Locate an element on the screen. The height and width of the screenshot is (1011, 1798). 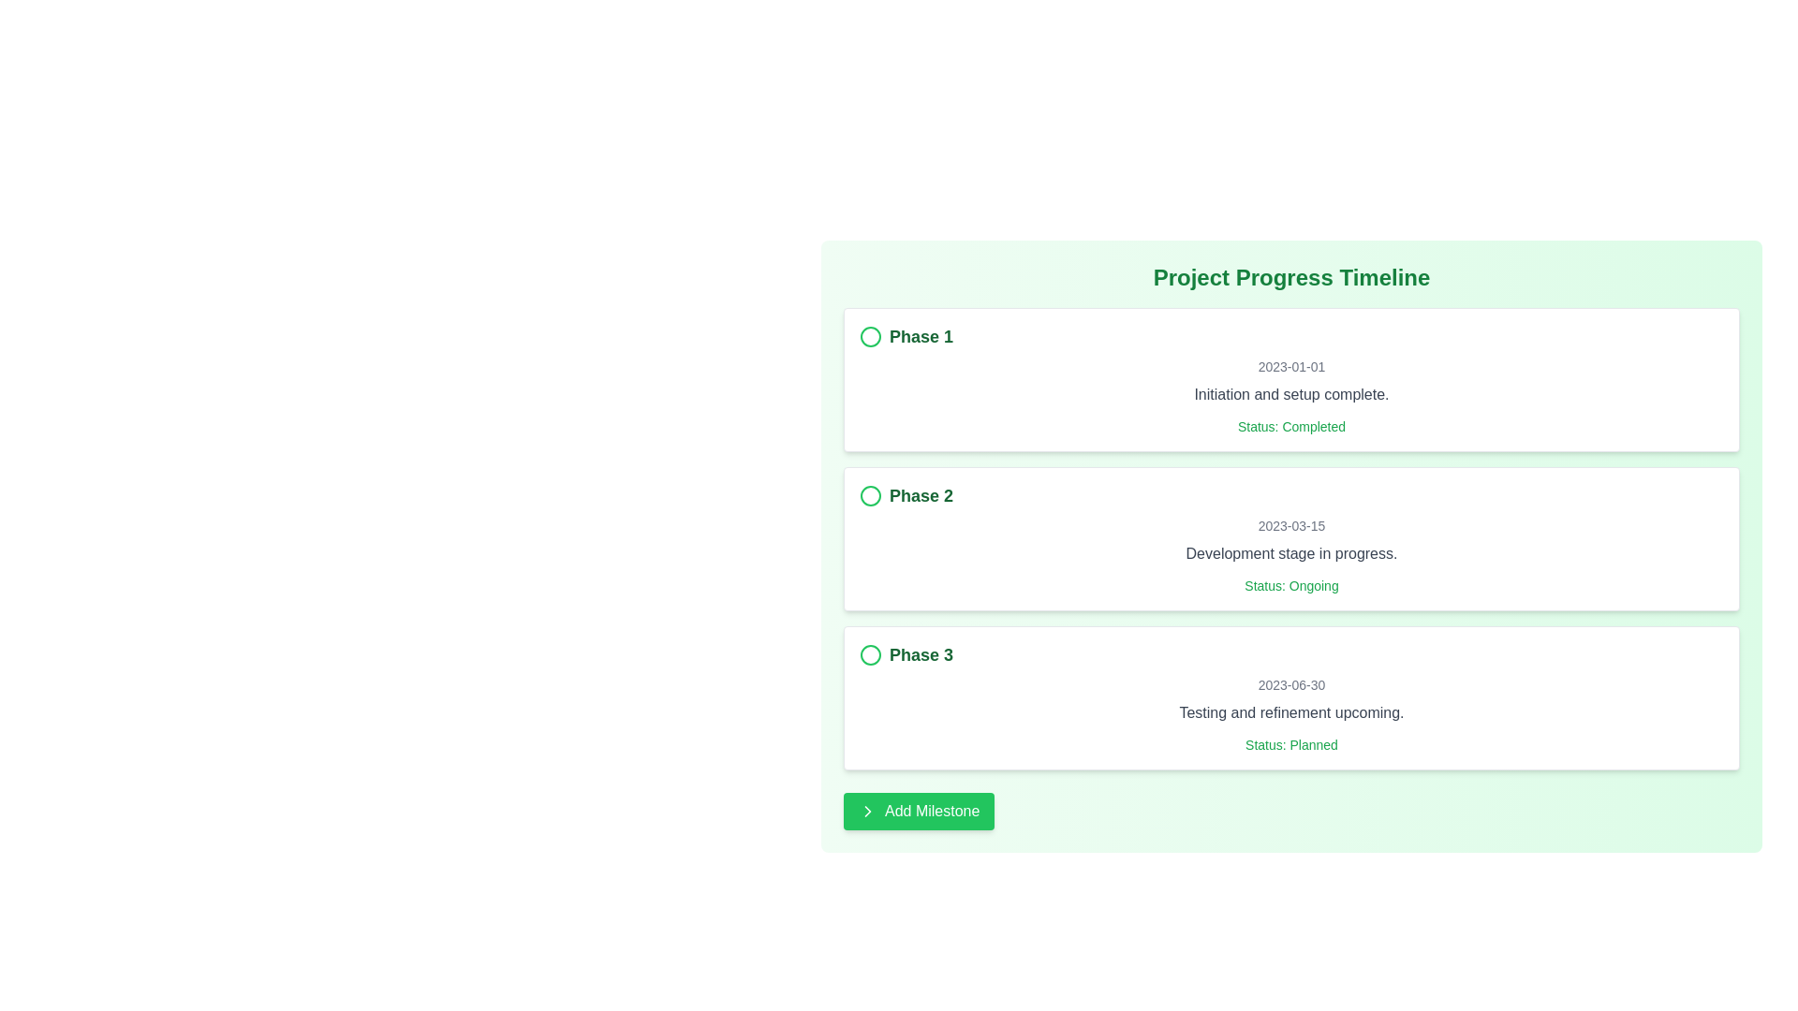
the Card element containing the green circular icon and text 'Phase 3', which is the third in a vertically stacked list of similar cards is located at coordinates (1290, 697).